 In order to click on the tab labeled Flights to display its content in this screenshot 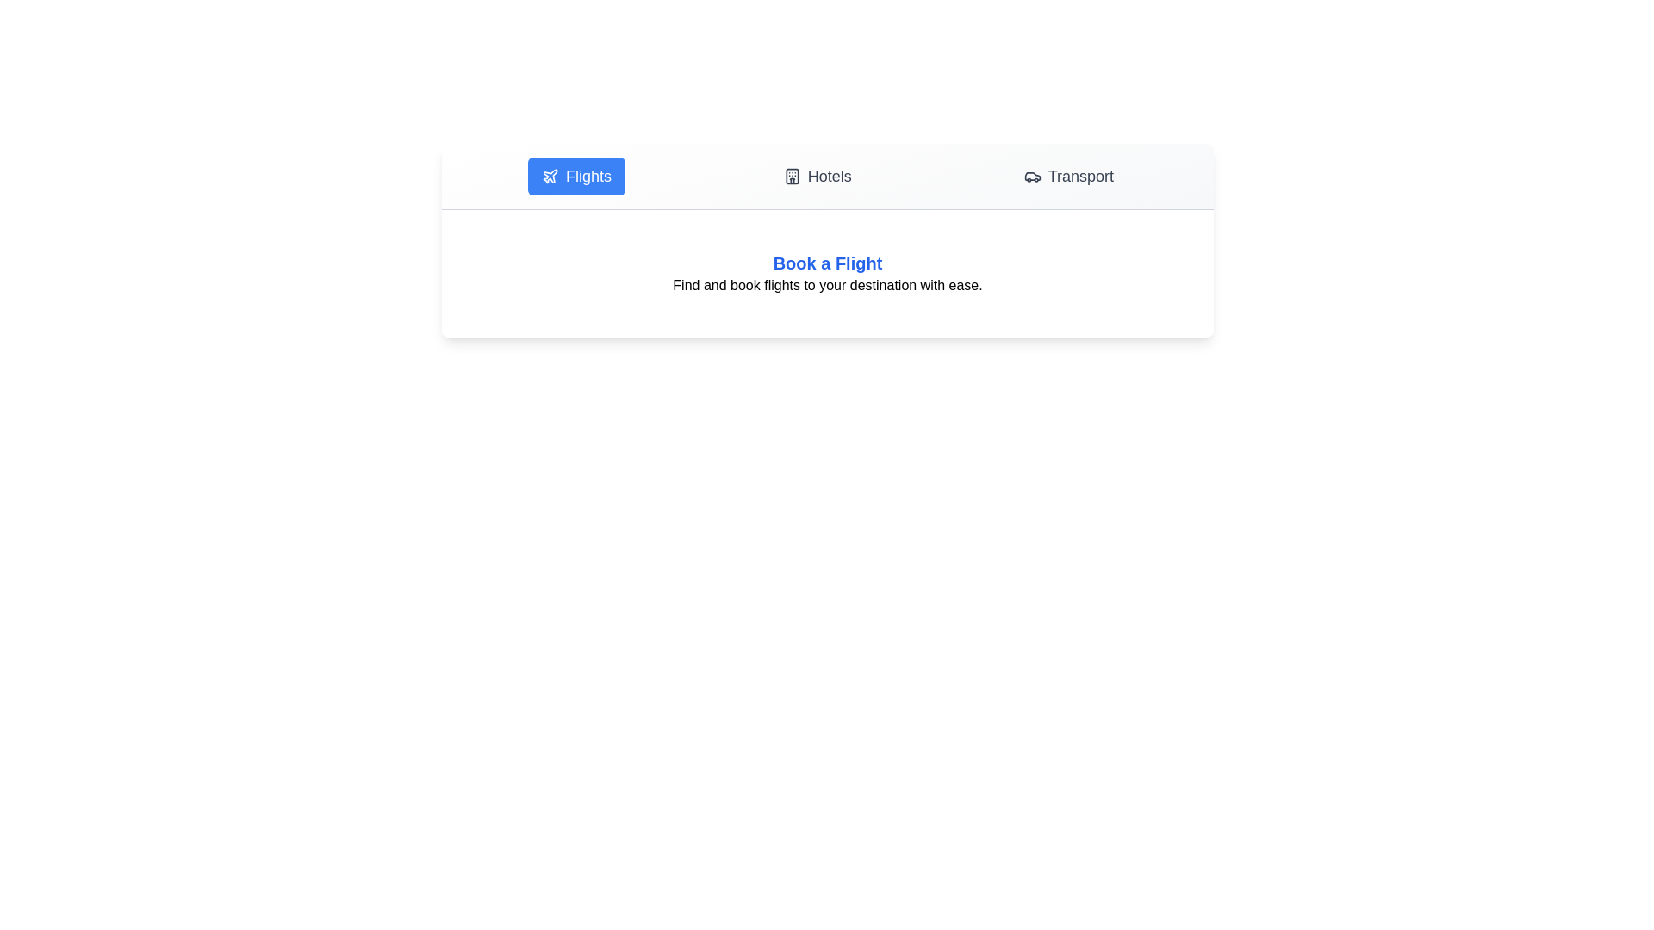, I will do `click(576, 176)`.